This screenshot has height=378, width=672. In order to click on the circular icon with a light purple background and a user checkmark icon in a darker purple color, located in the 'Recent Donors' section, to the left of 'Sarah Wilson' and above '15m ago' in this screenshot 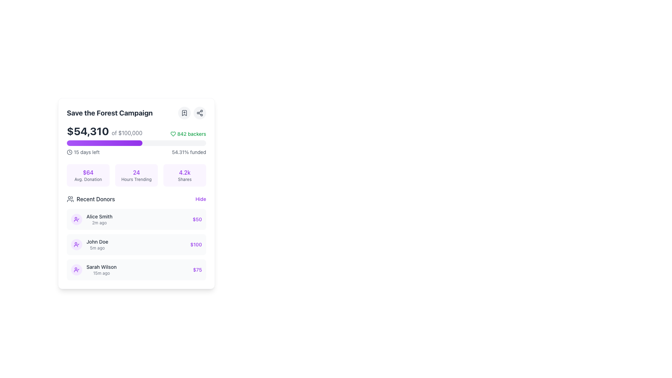, I will do `click(77, 269)`.